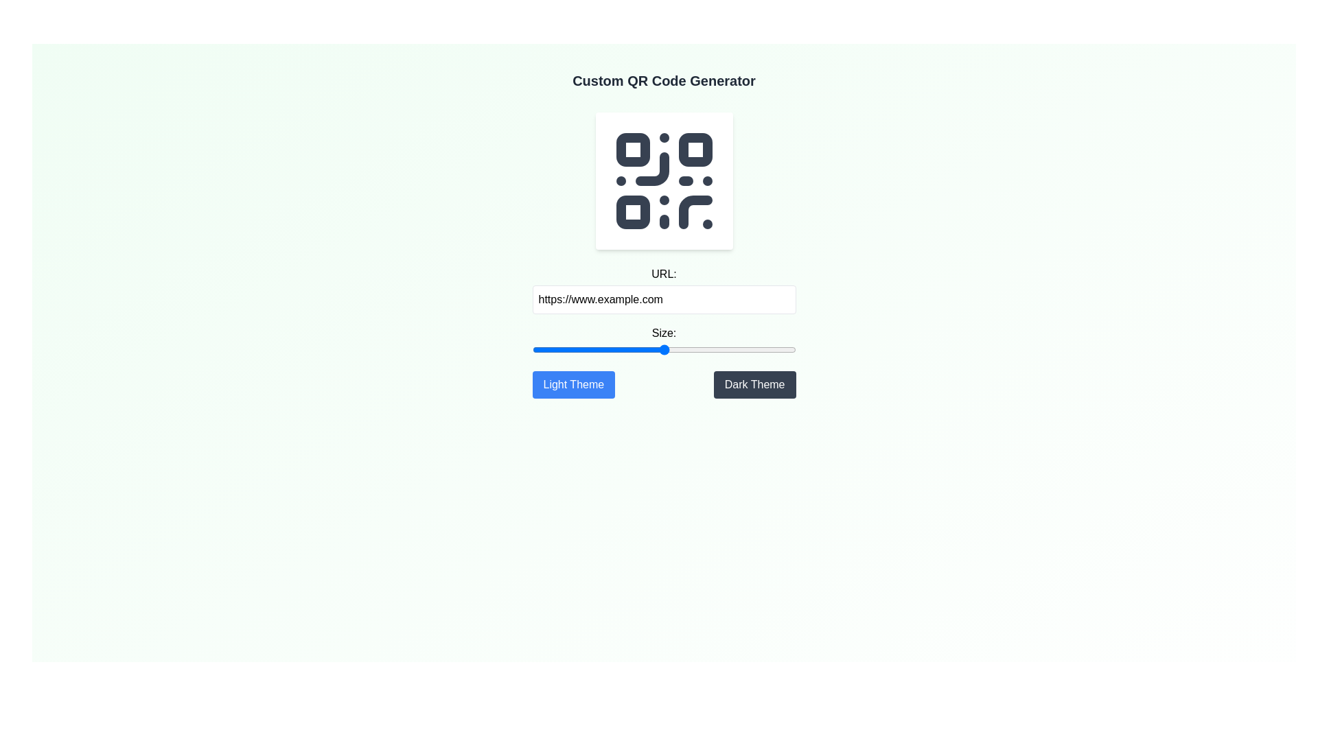 The width and height of the screenshot is (1318, 741). I want to click on the slider value, so click(595, 349).